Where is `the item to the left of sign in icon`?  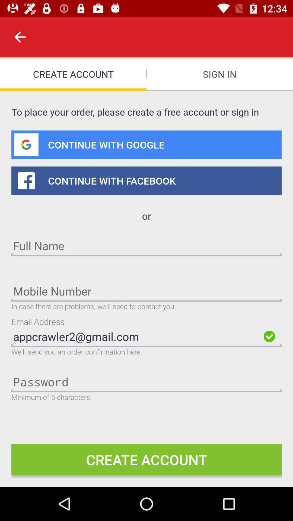
the item to the left of sign in icon is located at coordinates (20, 37).